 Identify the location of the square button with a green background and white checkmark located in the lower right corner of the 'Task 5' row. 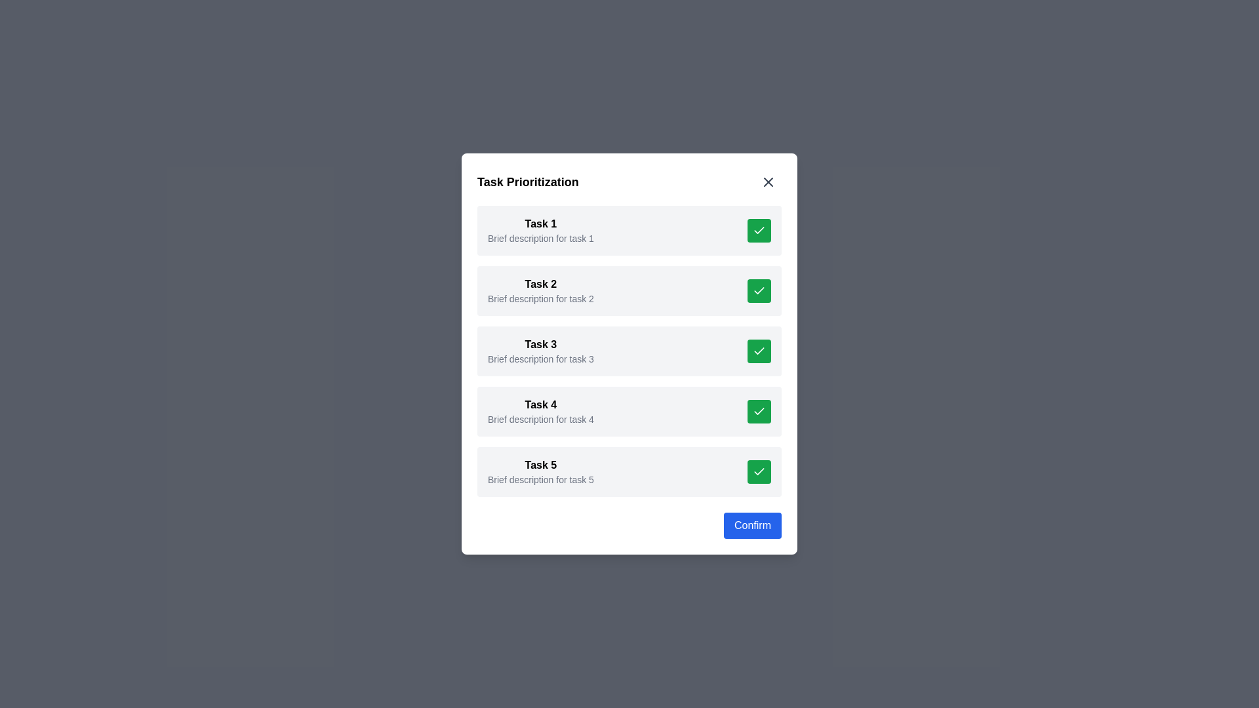
(759, 472).